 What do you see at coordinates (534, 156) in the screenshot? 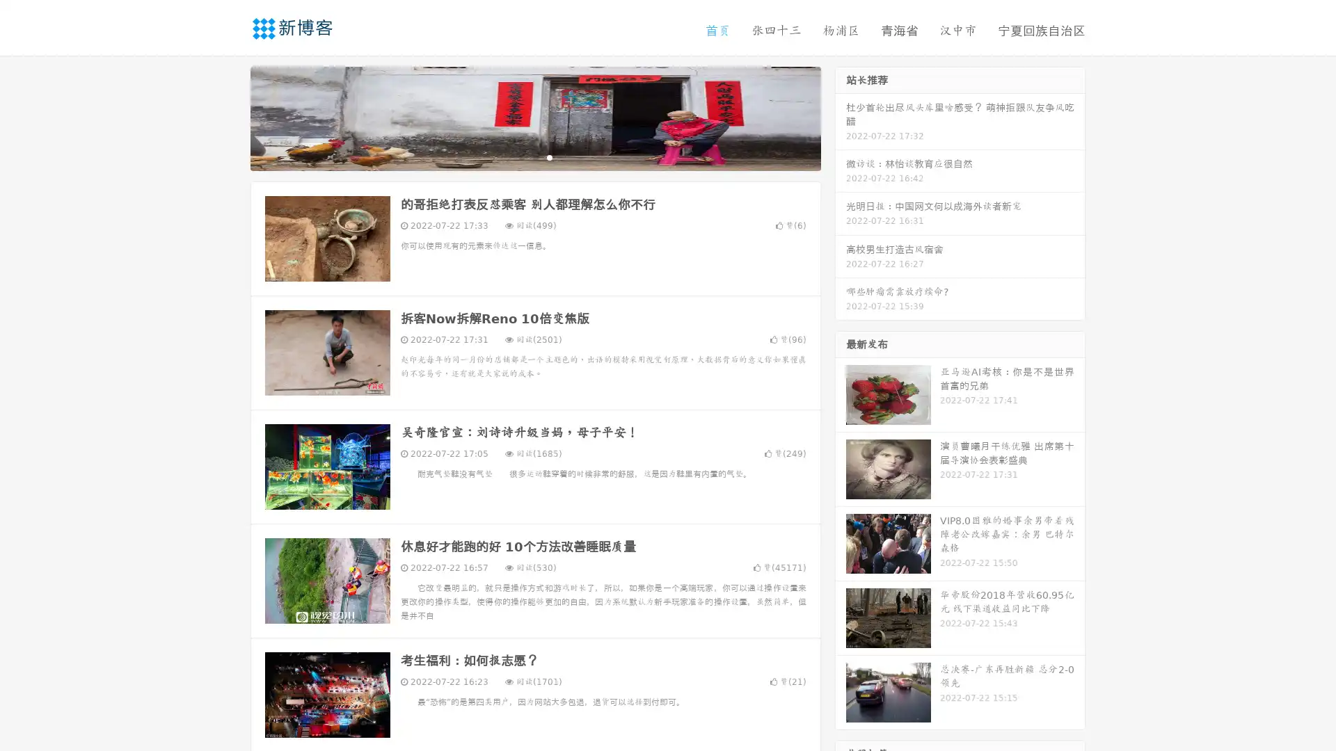
I see `Go to slide 2` at bounding box center [534, 156].